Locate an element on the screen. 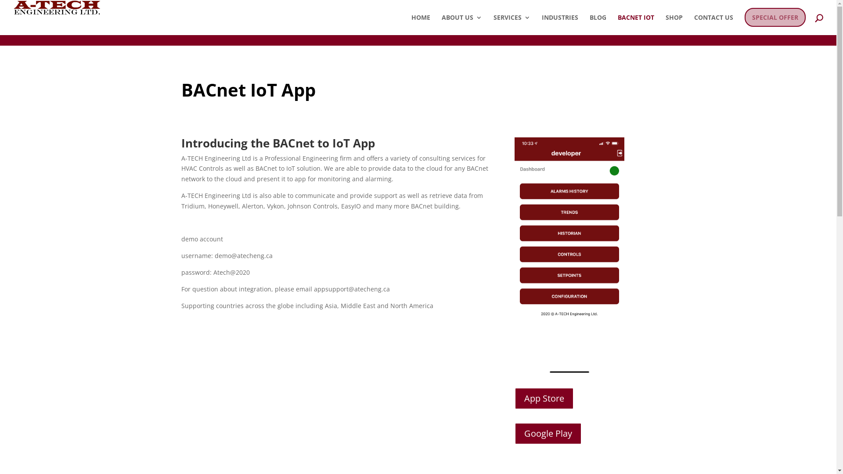  'Google Play' is located at coordinates (548, 433).